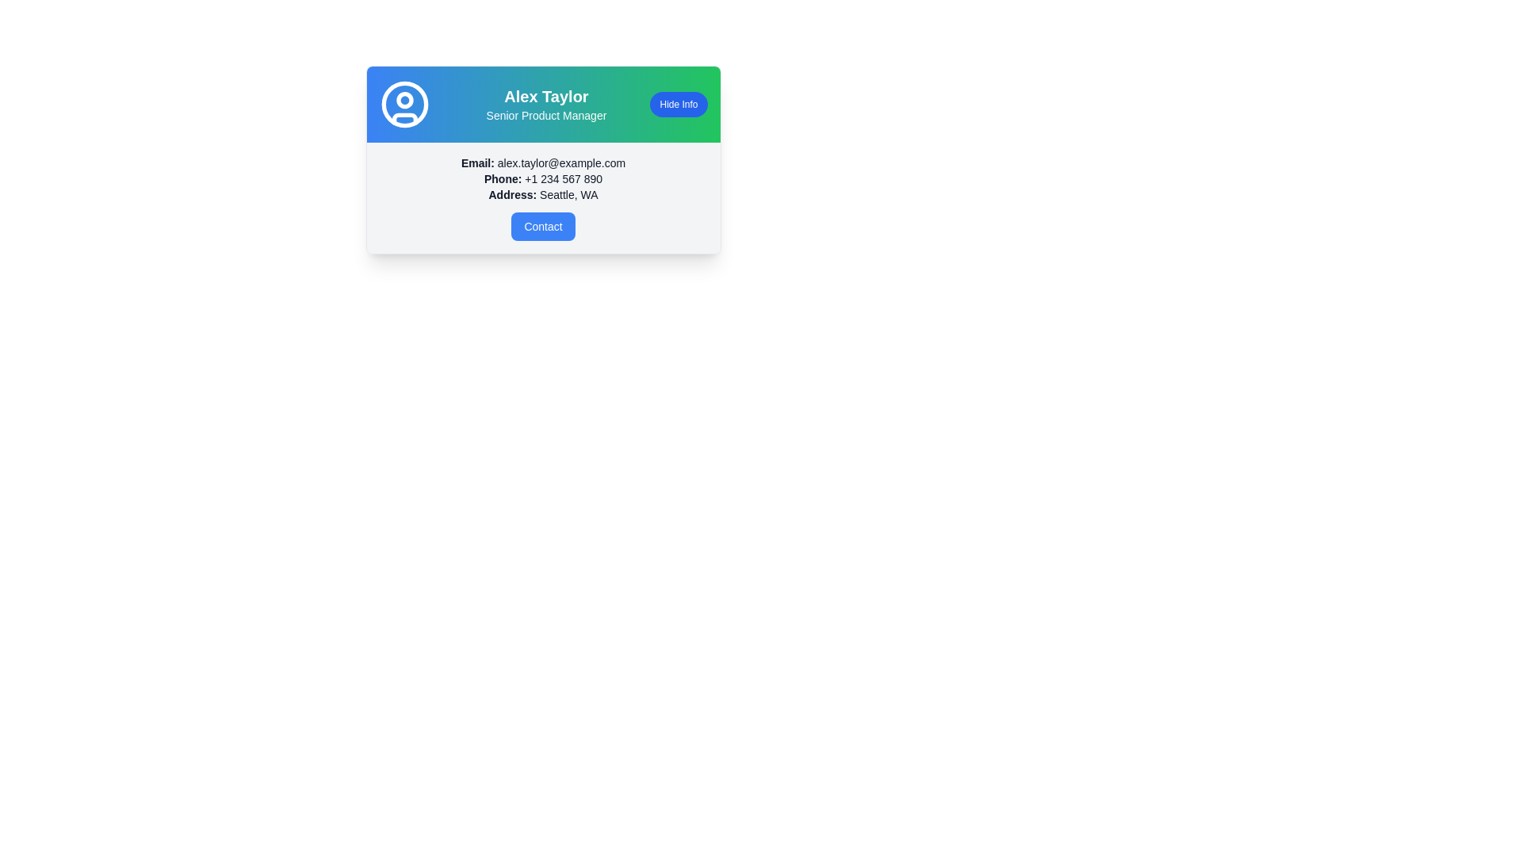  I want to click on the blue rectangular button labeled 'Contact' located at the bottom of the contact information card, so click(543, 226).